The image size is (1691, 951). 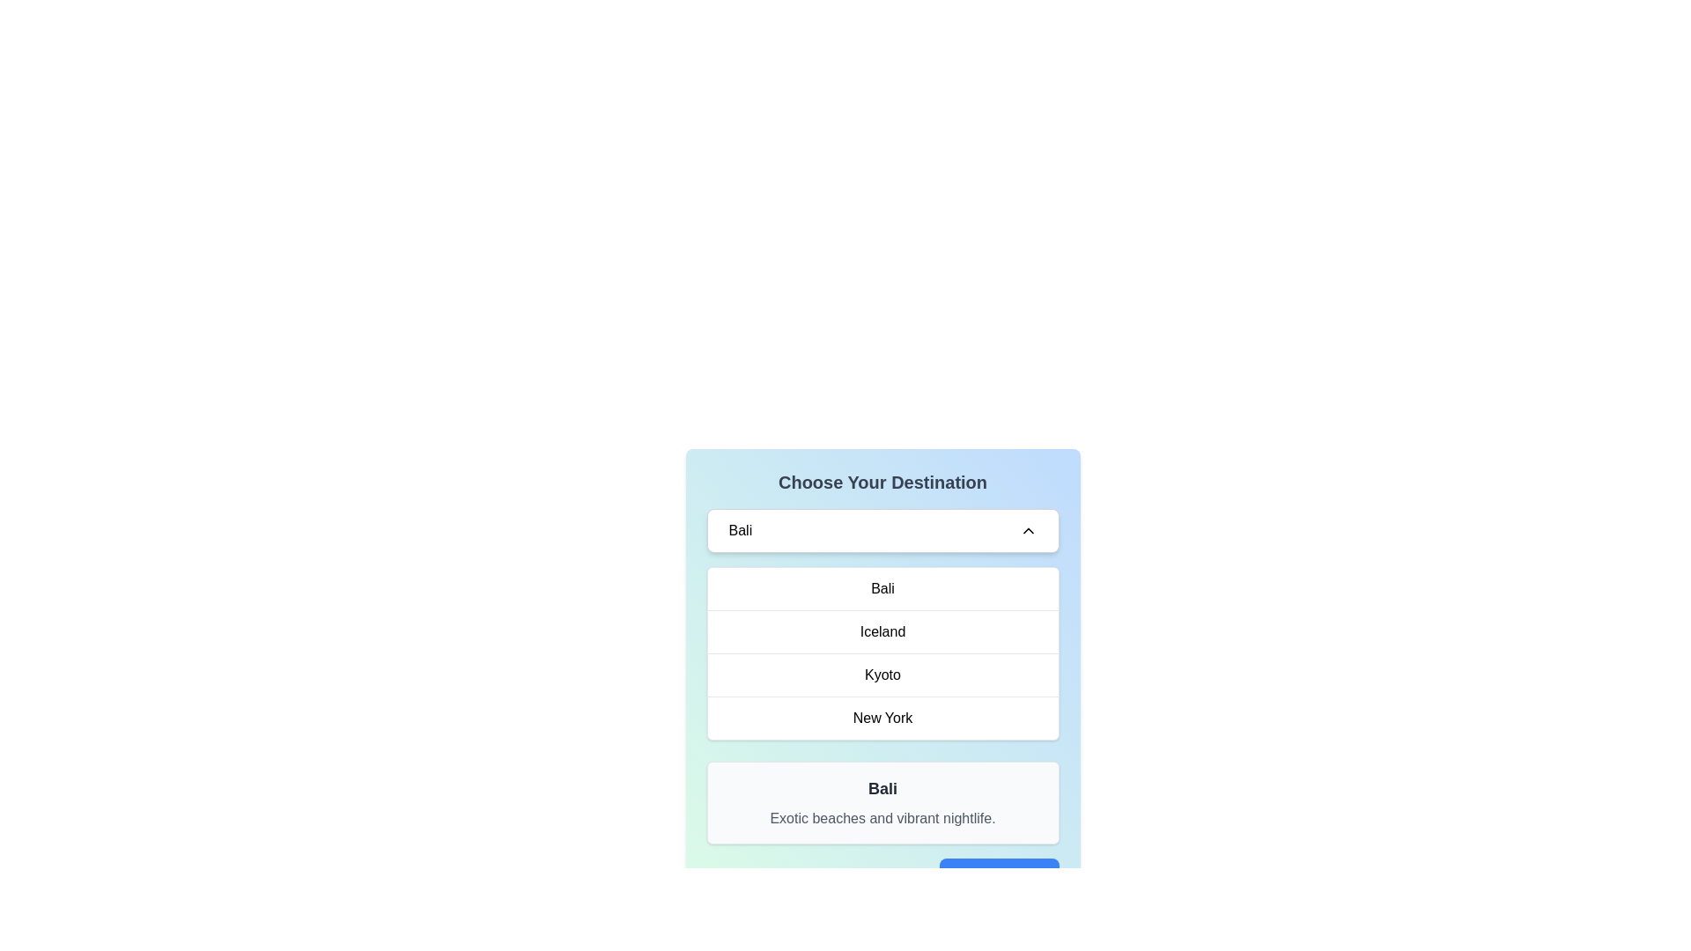 What do you see at coordinates (1028, 529) in the screenshot?
I see `the chevron icon on the right side of the white bar displaying 'Bali'` at bounding box center [1028, 529].